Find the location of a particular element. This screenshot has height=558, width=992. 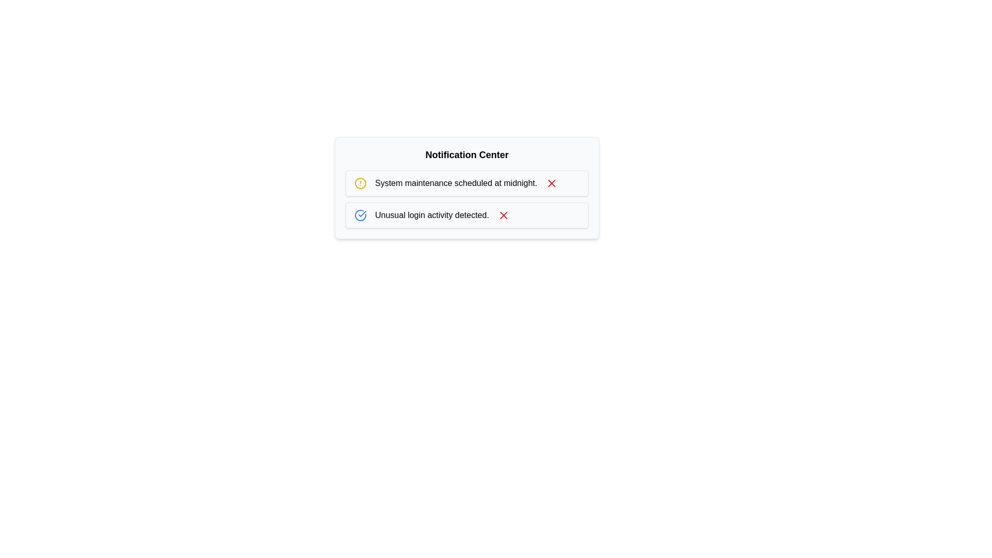

the SVG Circle element with a yellow stroke that forms the outer boundary of an icon in the notification center, located in the left column of the first row is located at coordinates (360, 182).